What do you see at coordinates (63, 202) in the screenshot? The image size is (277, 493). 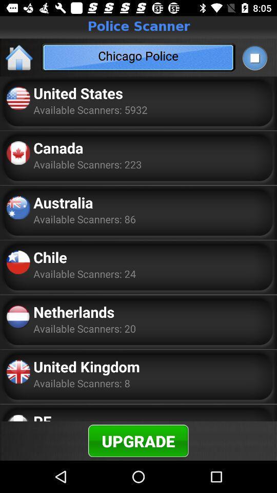 I see `the icon below the available scanners: 223 app` at bounding box center [63, 202].